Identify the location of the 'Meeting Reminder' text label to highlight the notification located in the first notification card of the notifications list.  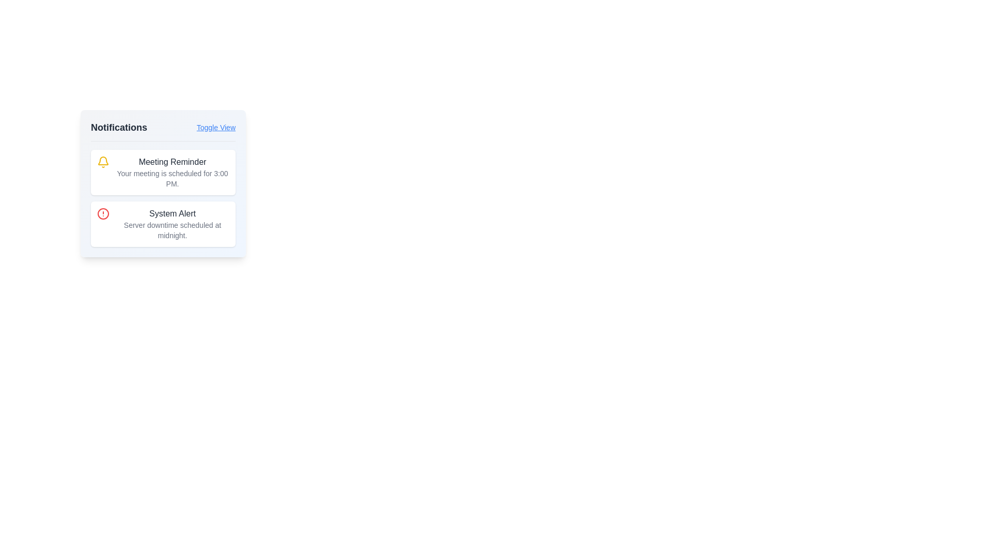
(173, 162).